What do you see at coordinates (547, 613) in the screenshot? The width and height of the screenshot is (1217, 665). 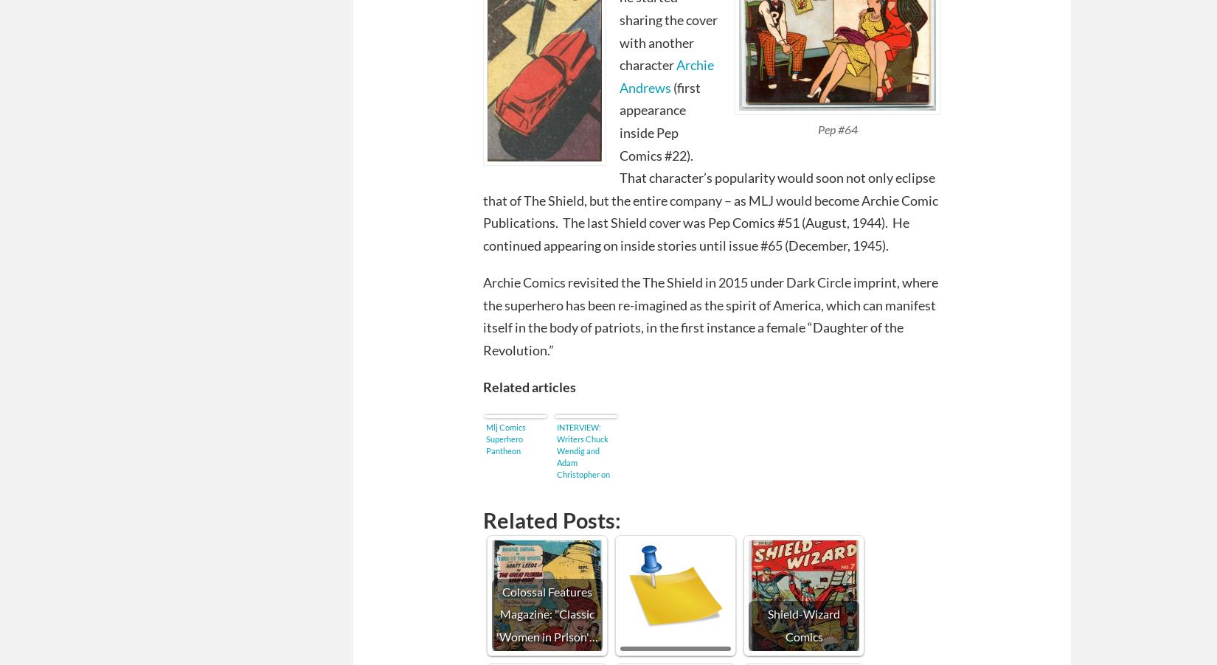 I see `'Colossal Features Magazine: "Classic 'Women in Prison'…'` at bounding box center [547, 613].